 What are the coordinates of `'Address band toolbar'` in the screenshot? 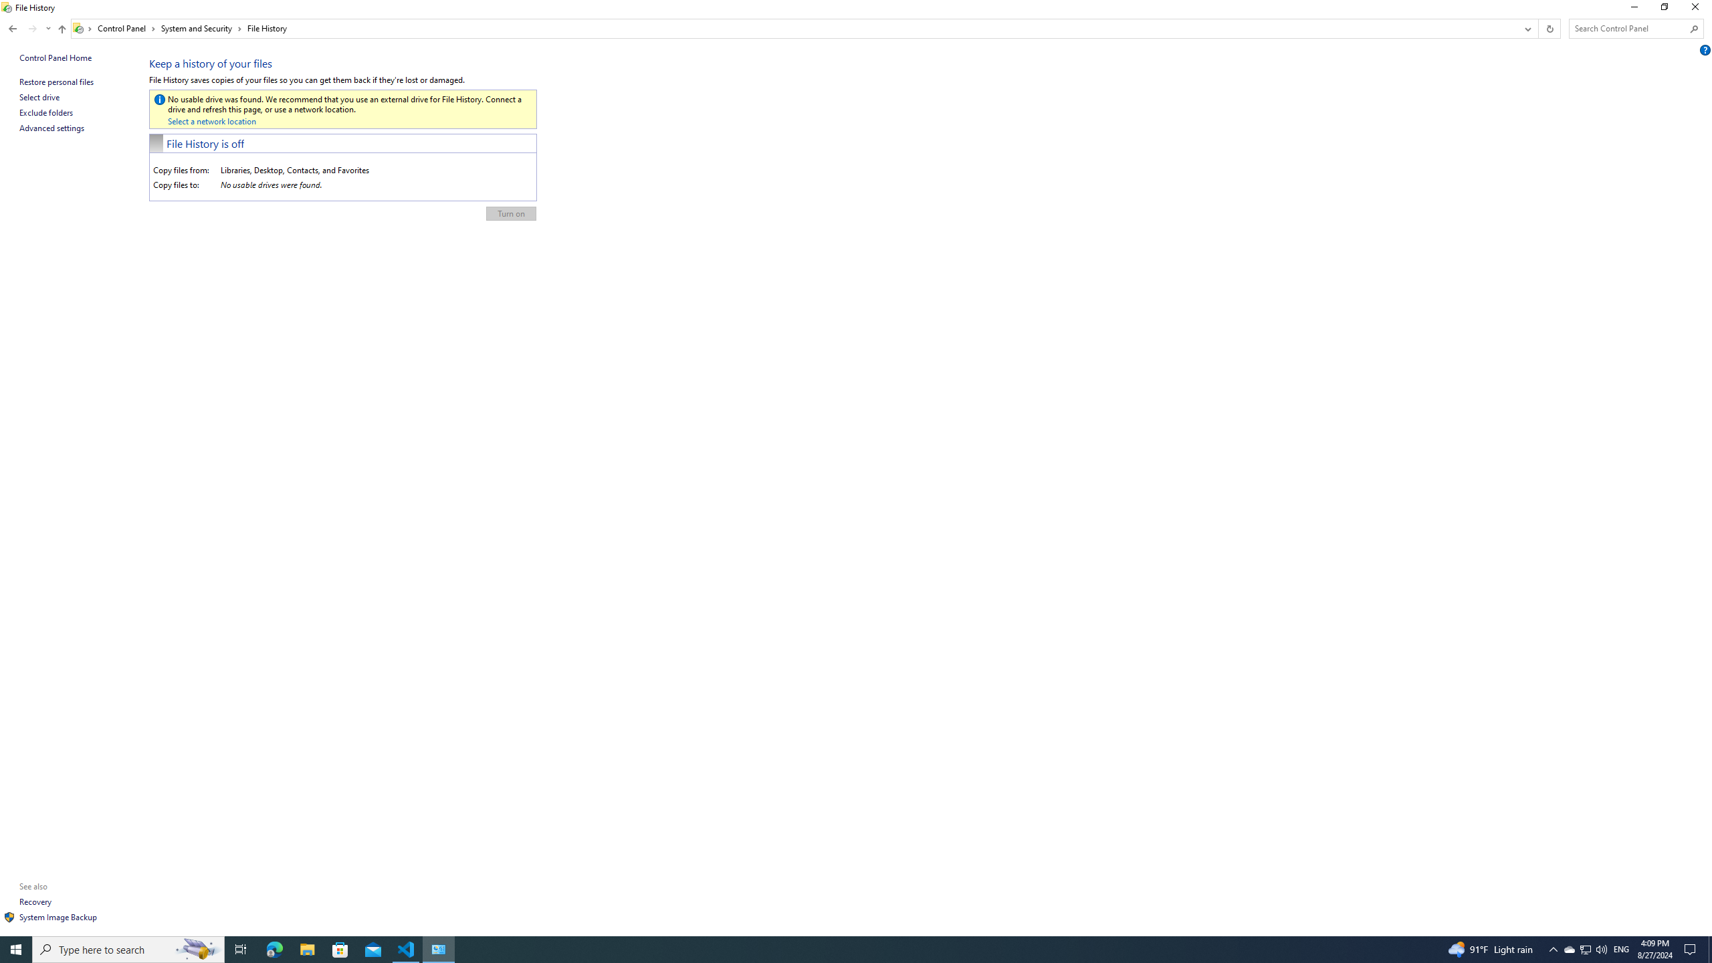 It's located at (1537, 28).